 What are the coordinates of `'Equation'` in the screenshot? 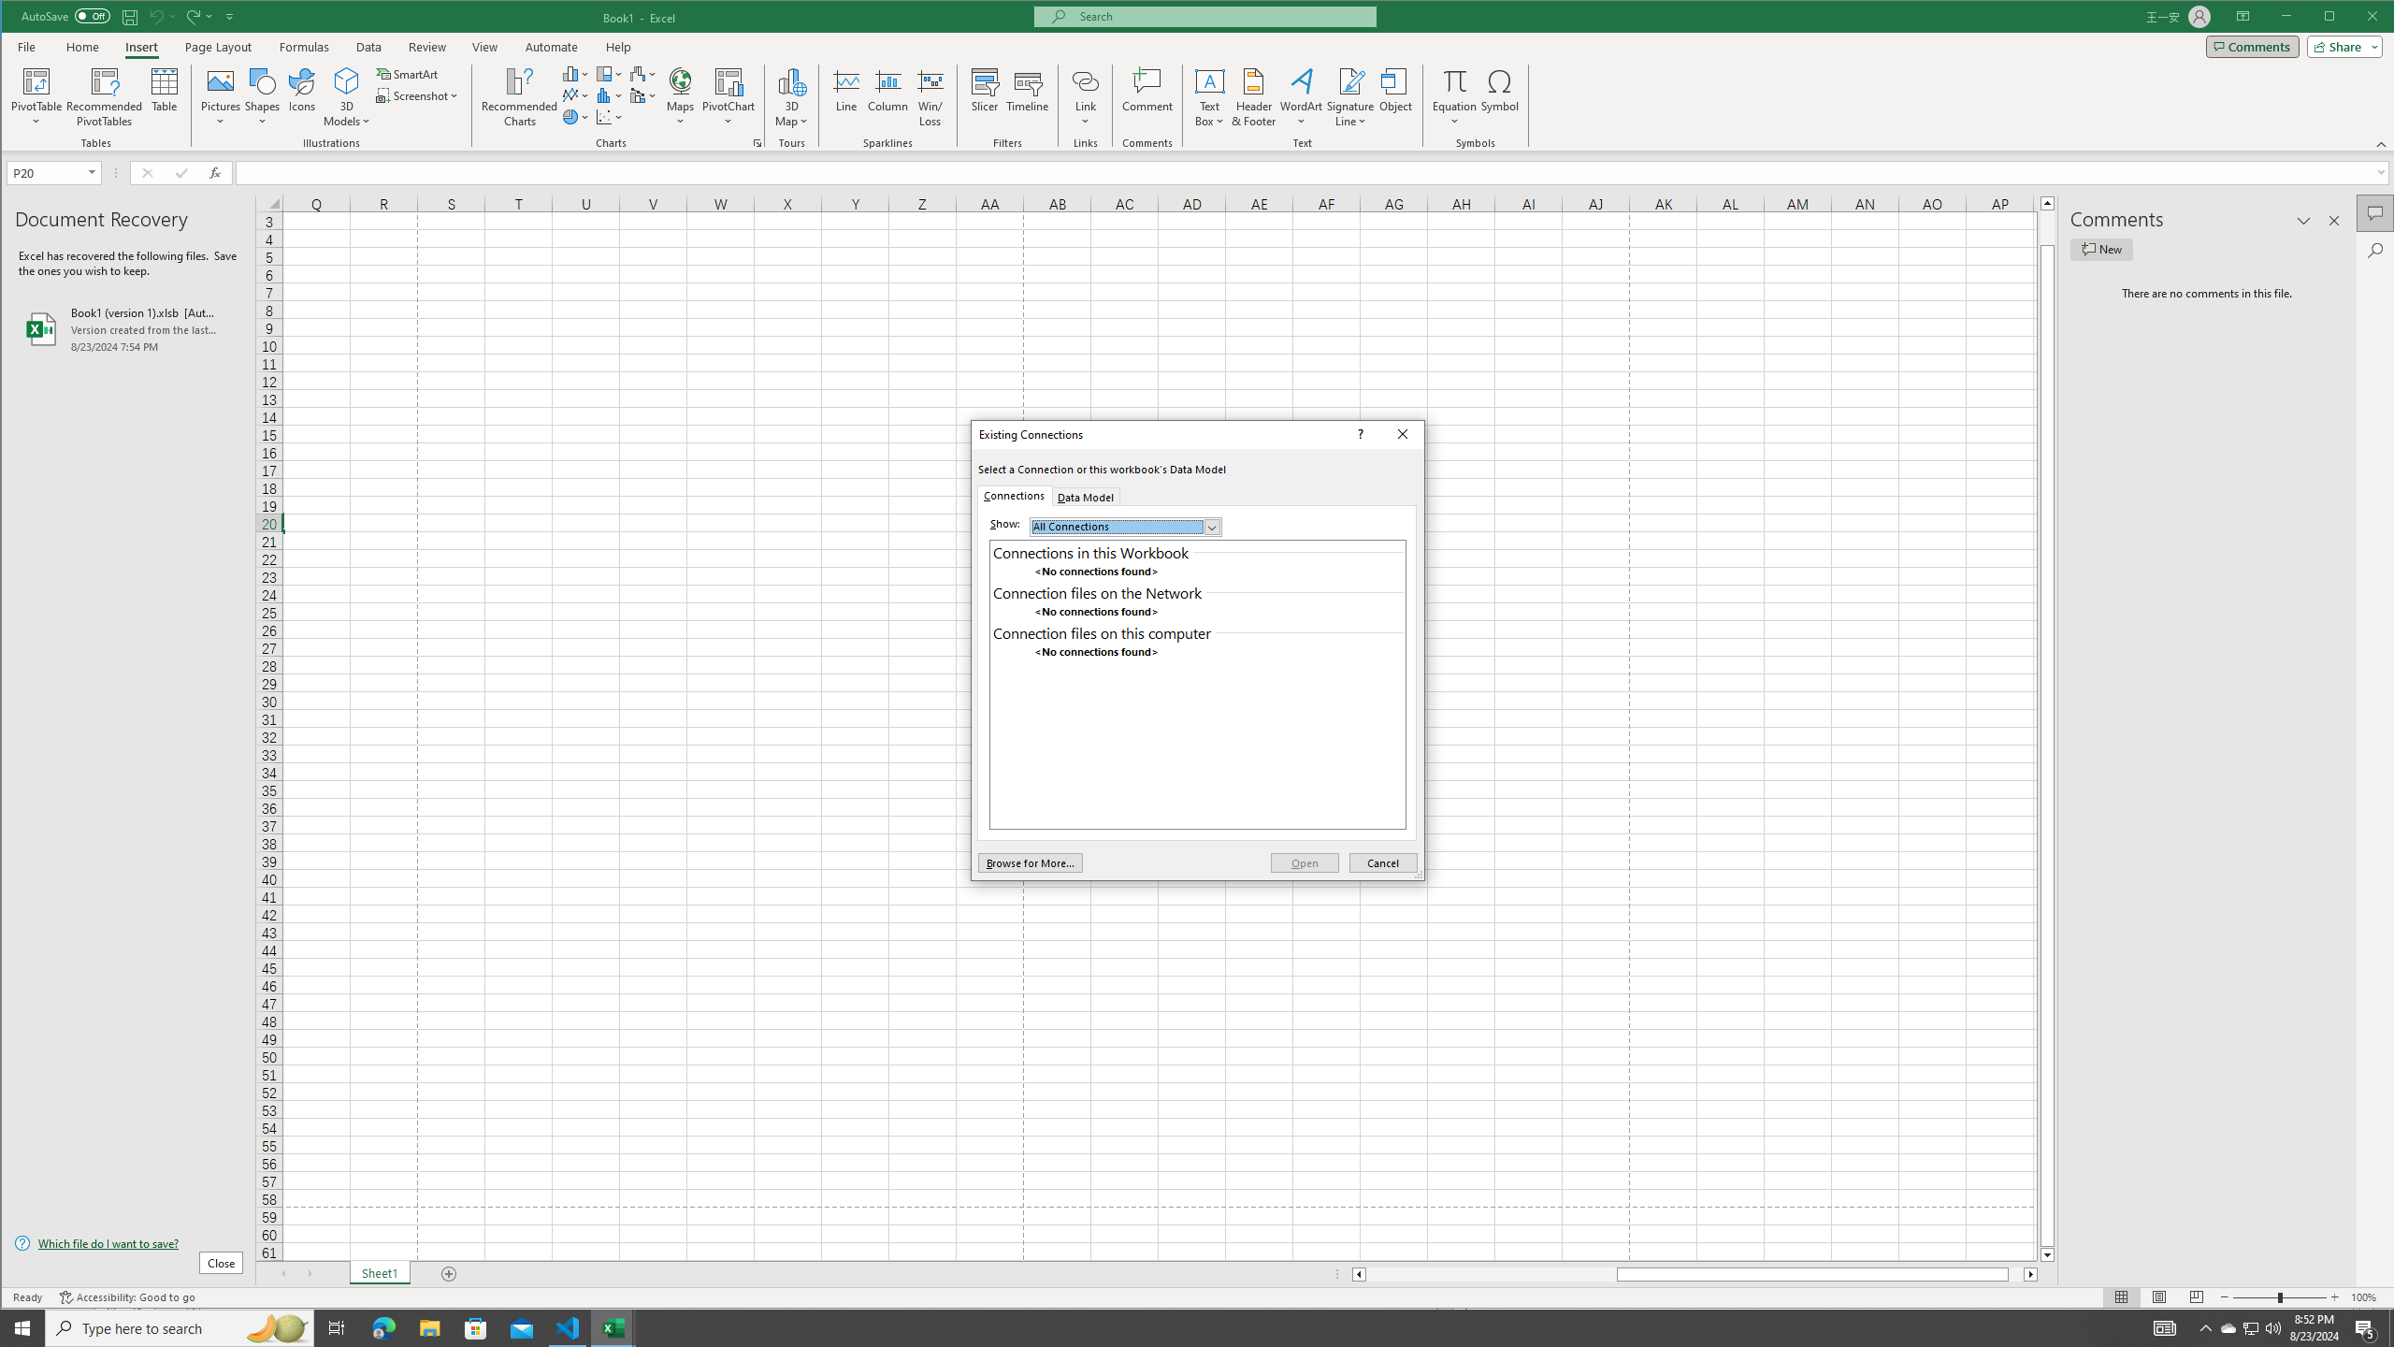 It's located at (1455, 80).